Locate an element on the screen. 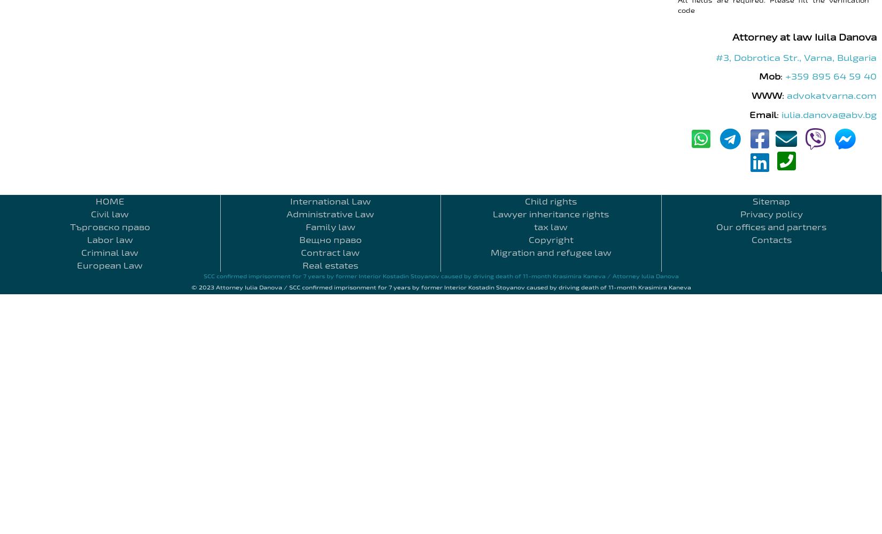 The width and height of the screenshot is (882, 534). 'Lawyer inheritance rights' is located at coordinates (551, 214).